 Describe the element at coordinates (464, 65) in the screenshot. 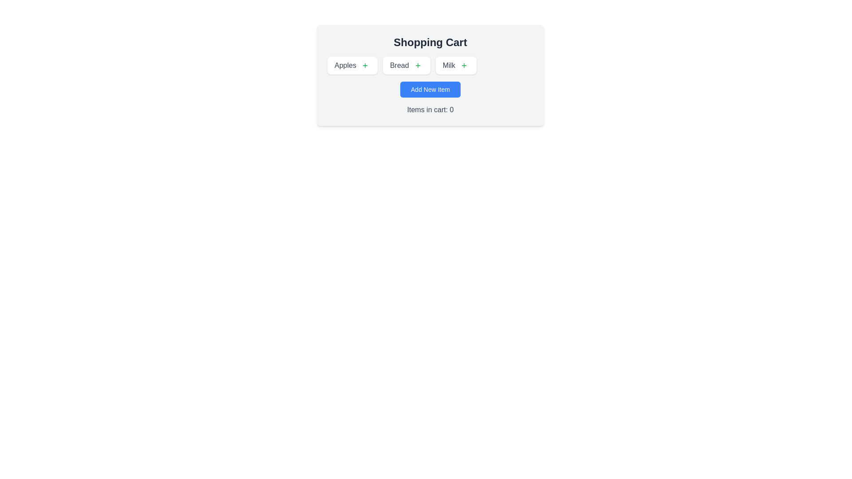

I see `the '+' button next to Milk to increment the cart count` at that location.